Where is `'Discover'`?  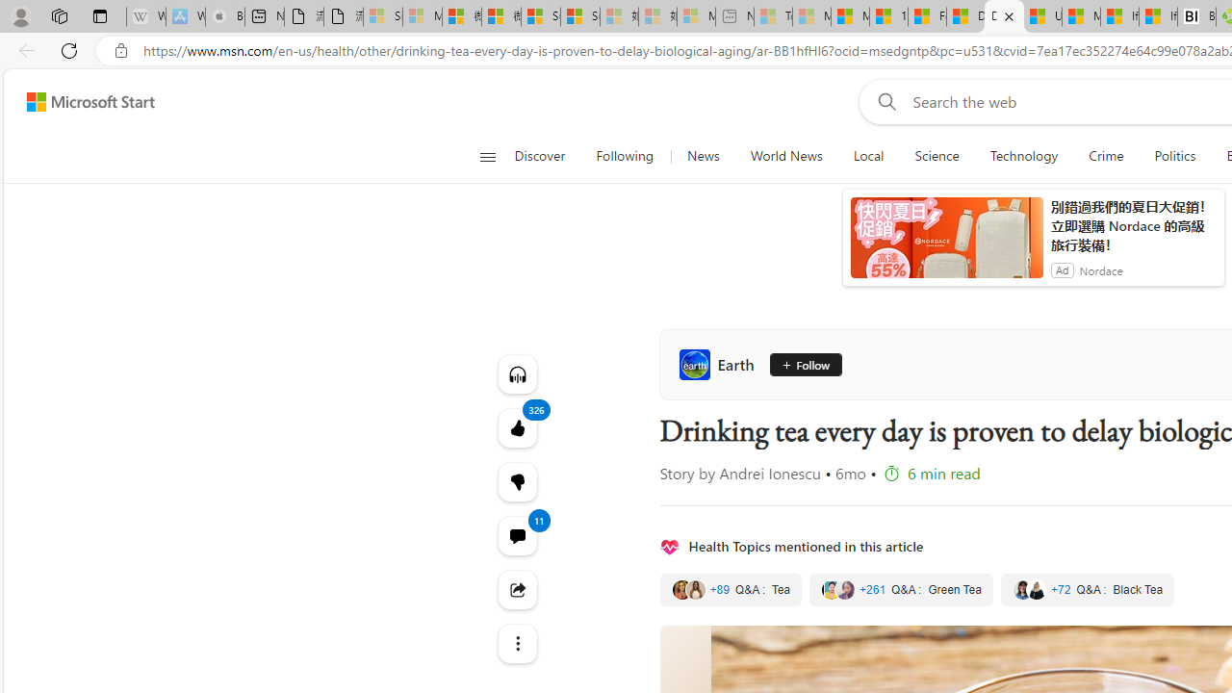 'Discover' is located at coordinates (539, 156).